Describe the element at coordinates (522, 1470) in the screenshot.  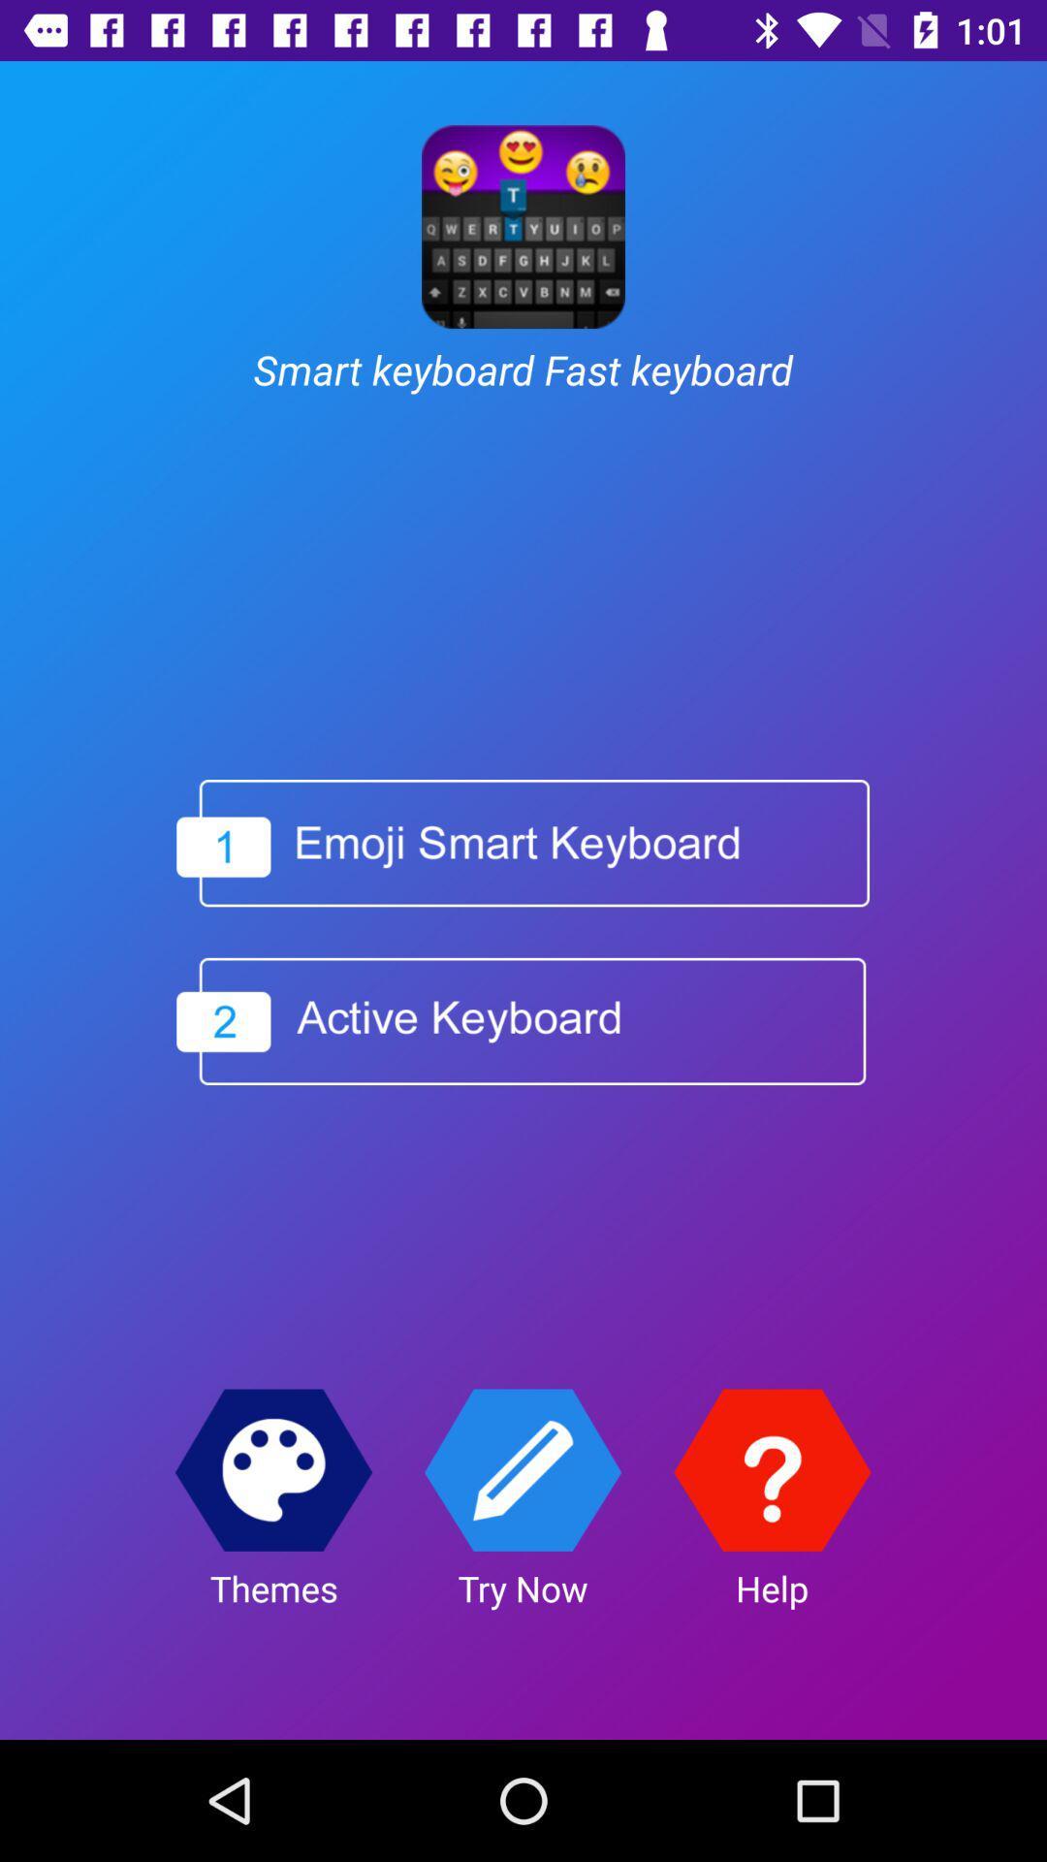
I see `the icon above try now` at that location.